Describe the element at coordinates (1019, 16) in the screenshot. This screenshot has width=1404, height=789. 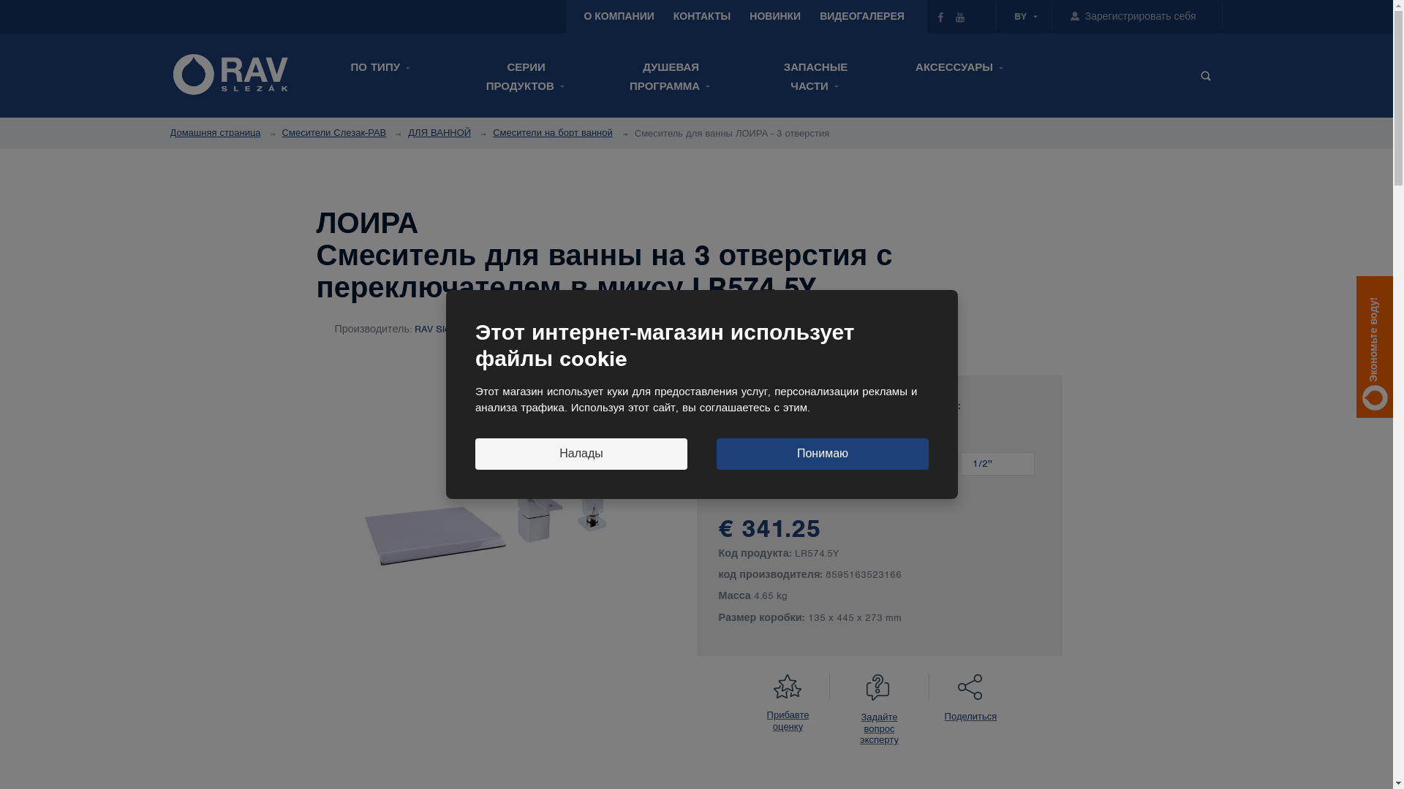
I see `'BY'` at that location.